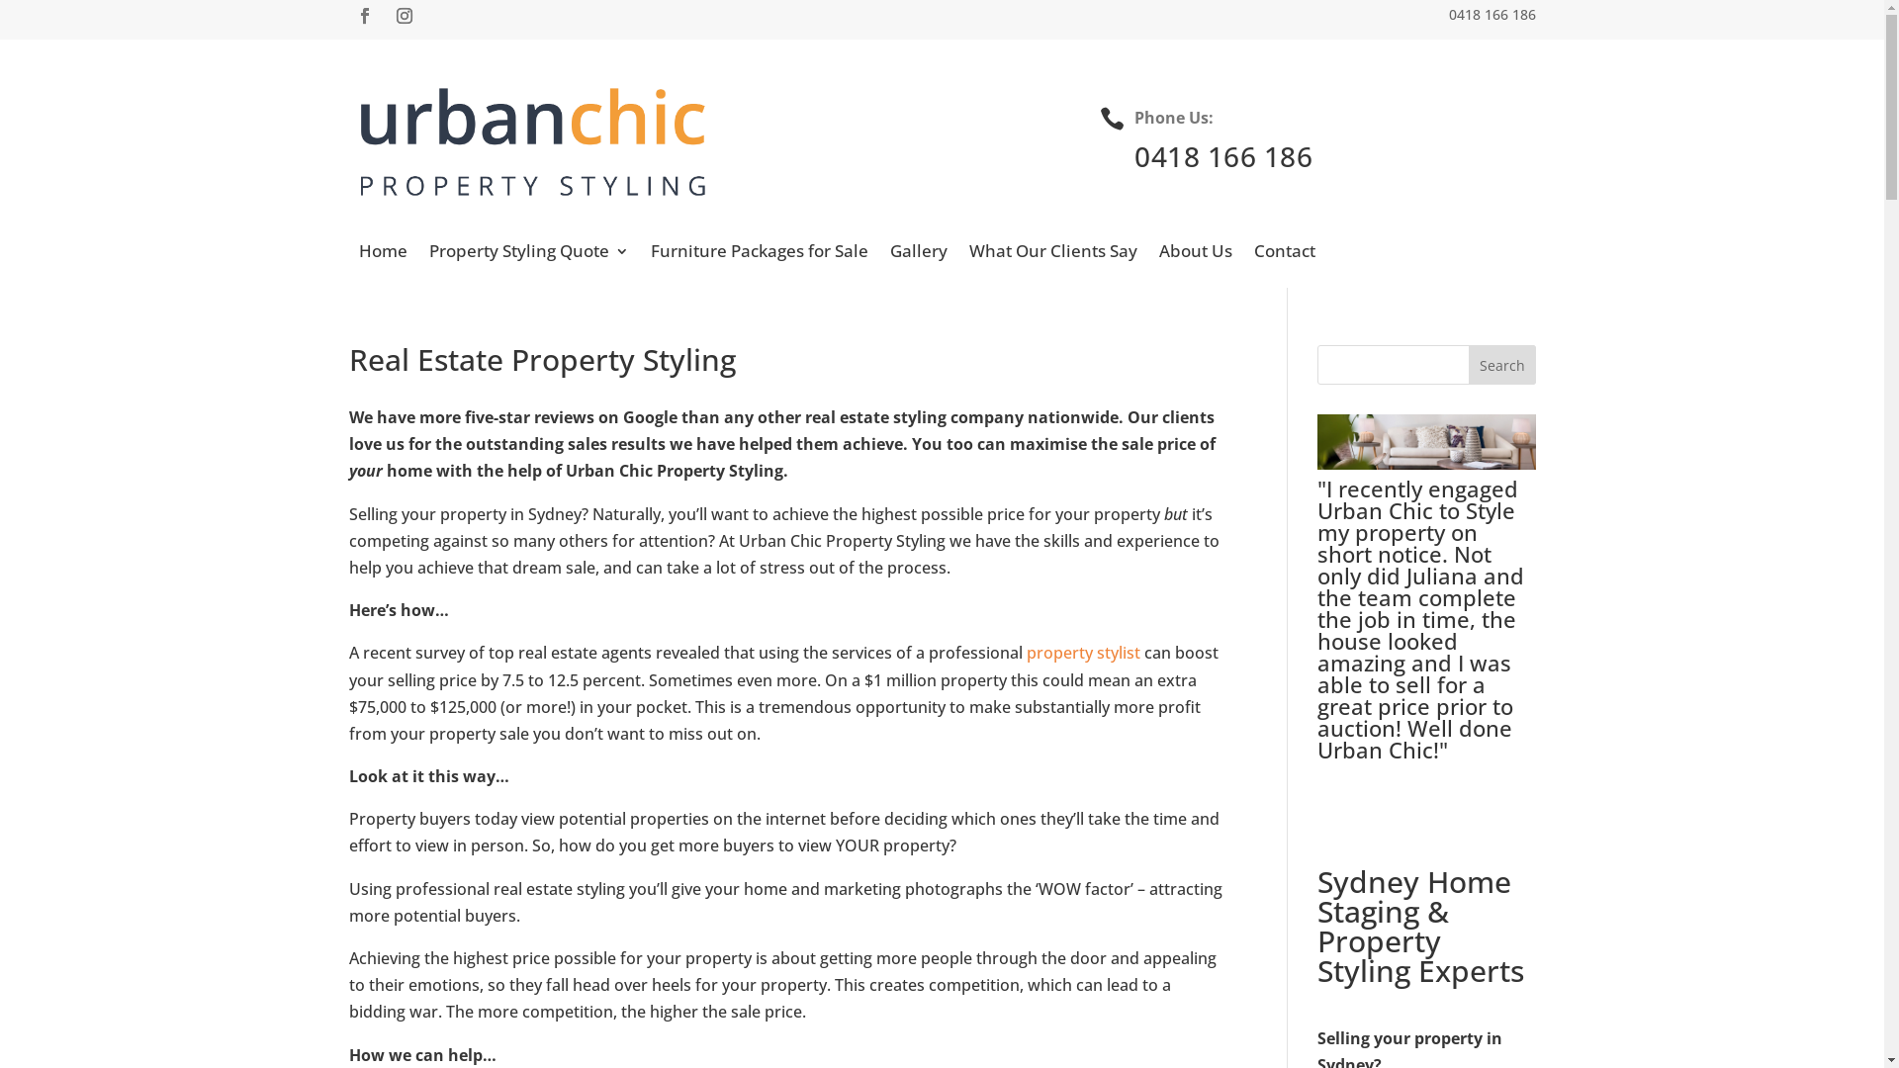 The width and height of the screenshot is (1899, 1068). What do you see at coordinates (918, 254) in the screenshot?
I see `'Gallery'` at bounding box center [918, 254].